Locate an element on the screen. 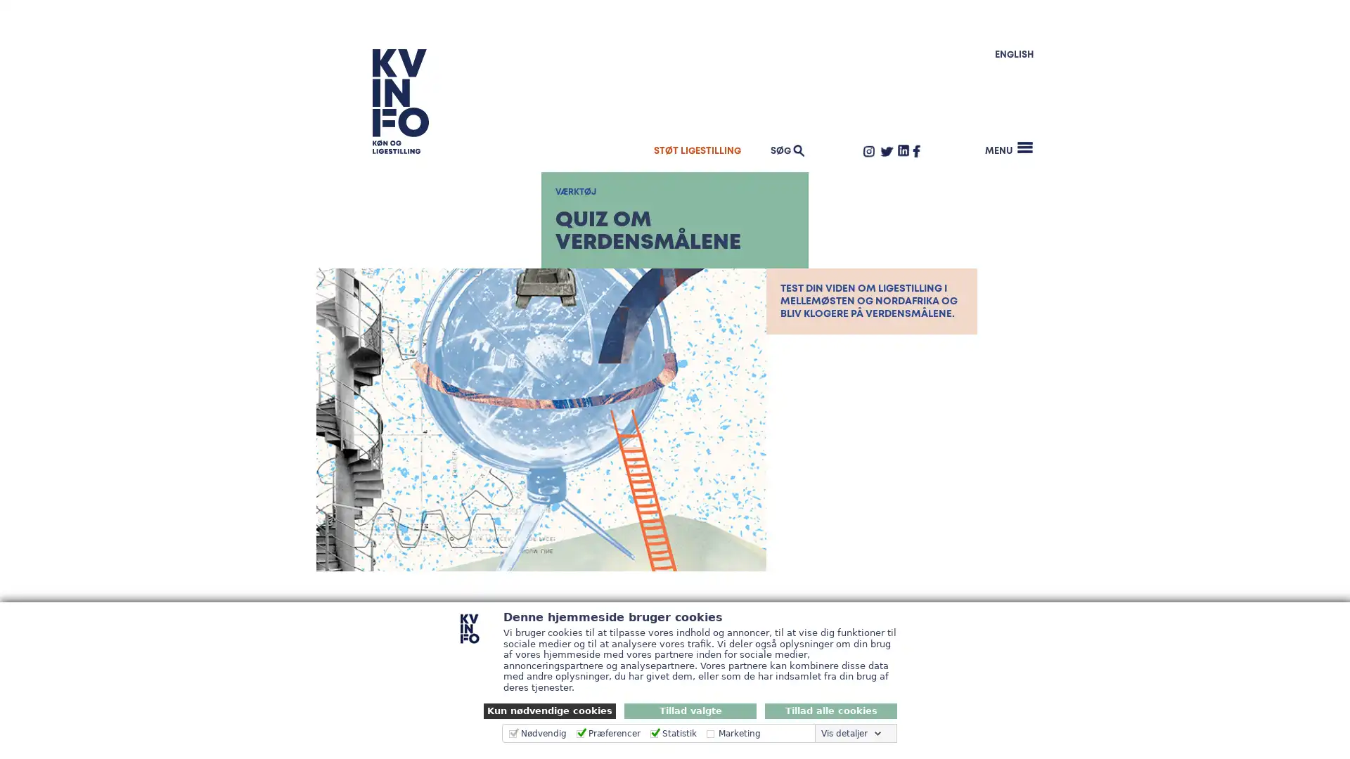 This screenshot has height=759, width=1350. MENU is located at coordinates (1008, 148).